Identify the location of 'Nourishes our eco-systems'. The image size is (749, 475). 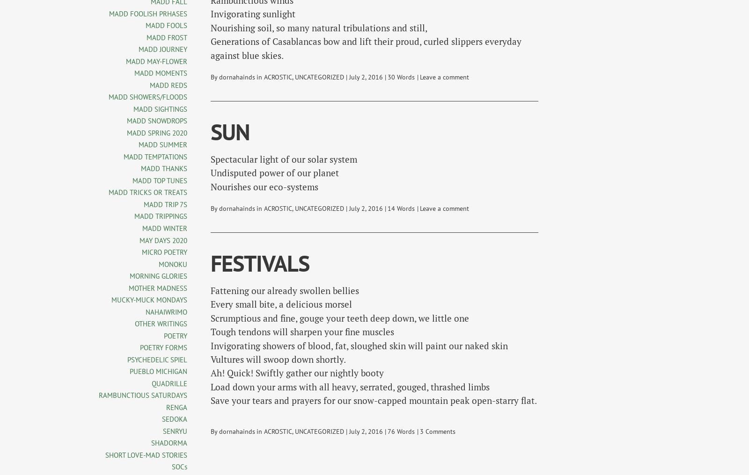
(264, 186).